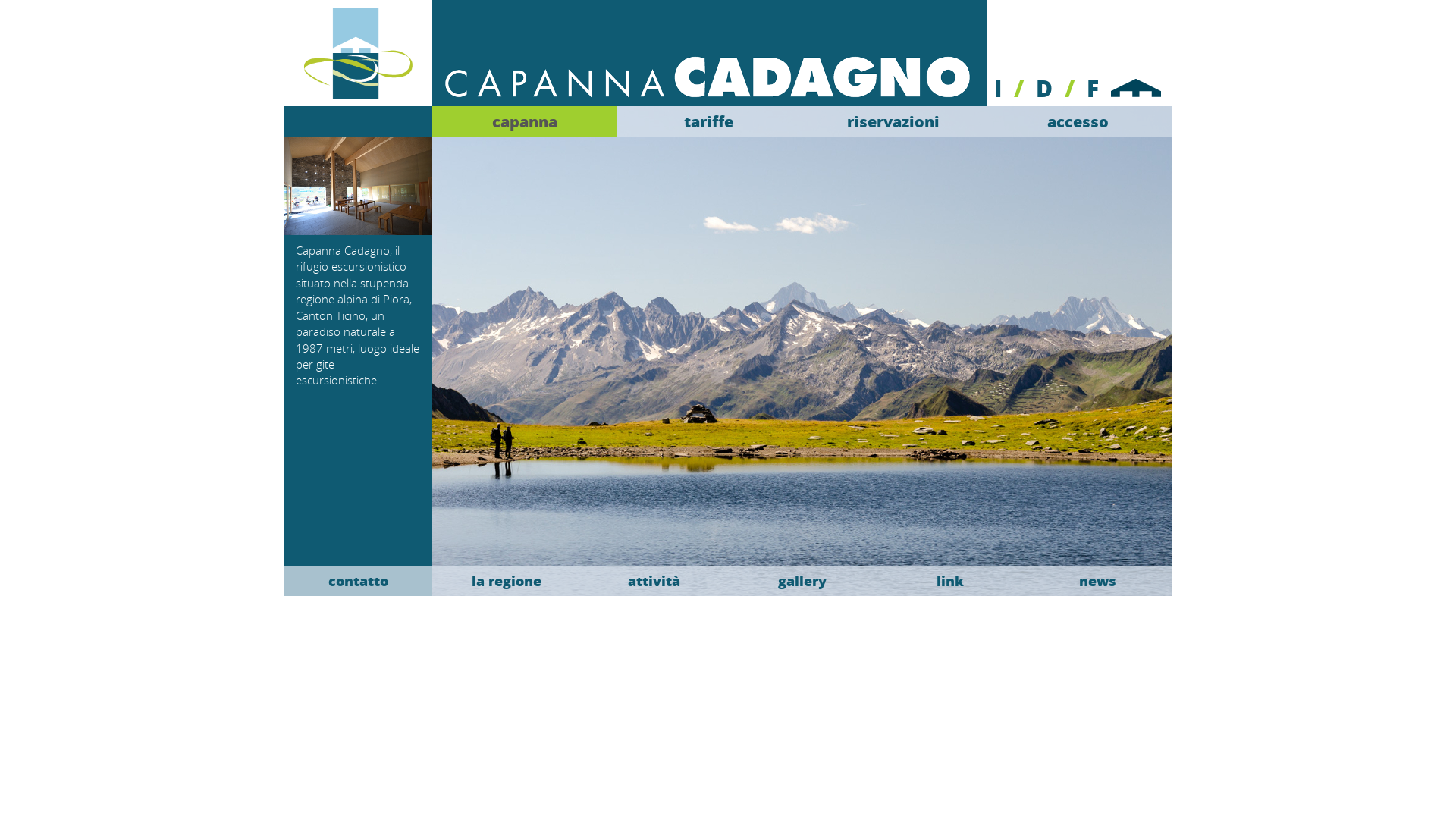  I want to click on 'F', so click(1092, 87).